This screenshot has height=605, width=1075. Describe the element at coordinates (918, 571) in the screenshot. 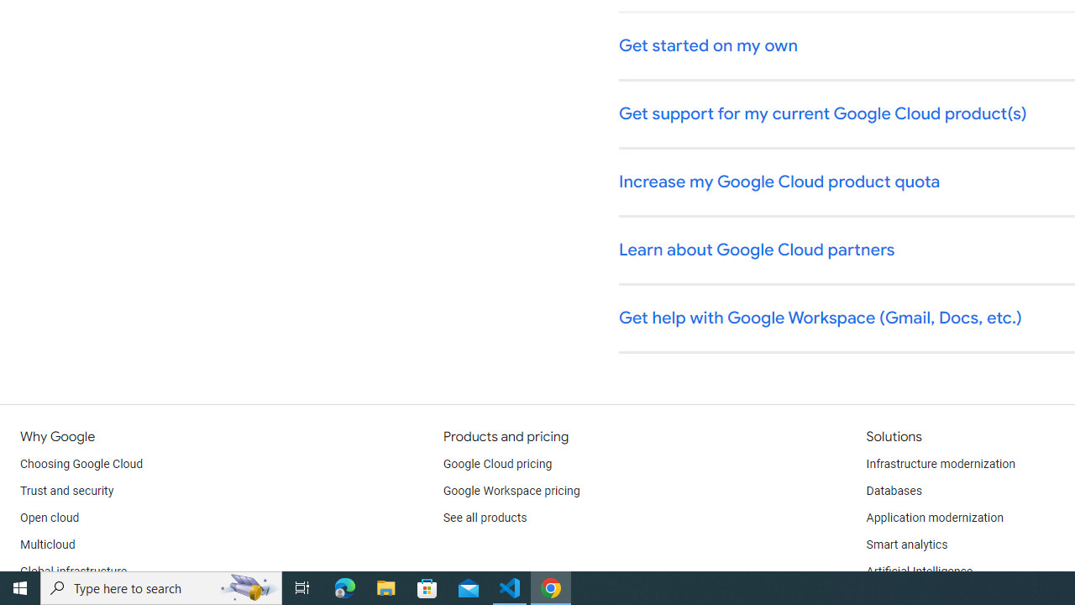

I see `'Artificial Intelligence'` at that location.